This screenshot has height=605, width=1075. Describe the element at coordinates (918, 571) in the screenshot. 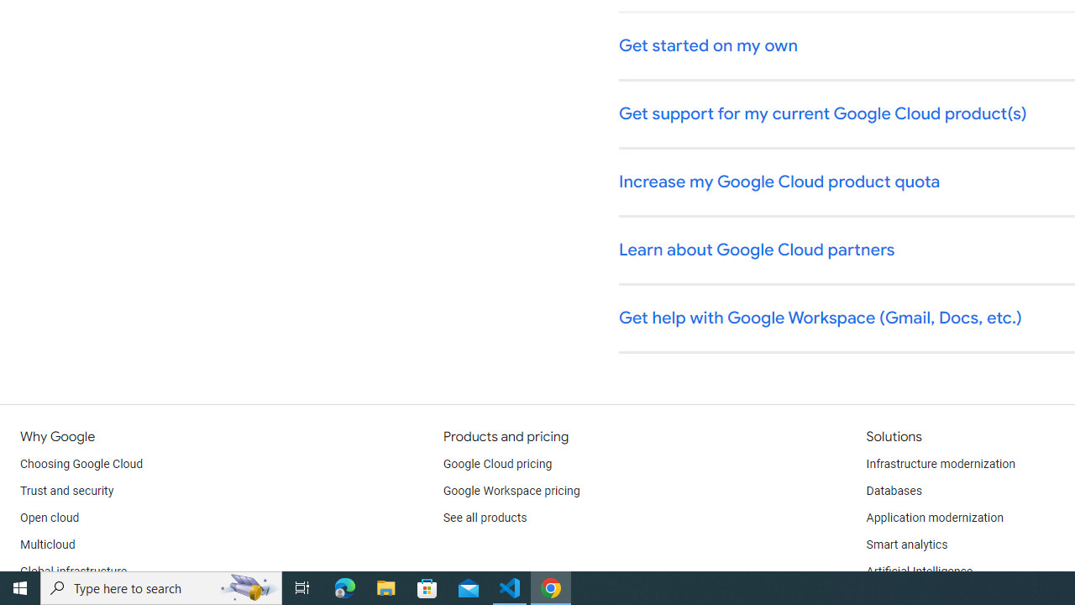

I see `'Artificial Intelligence'` at that location.